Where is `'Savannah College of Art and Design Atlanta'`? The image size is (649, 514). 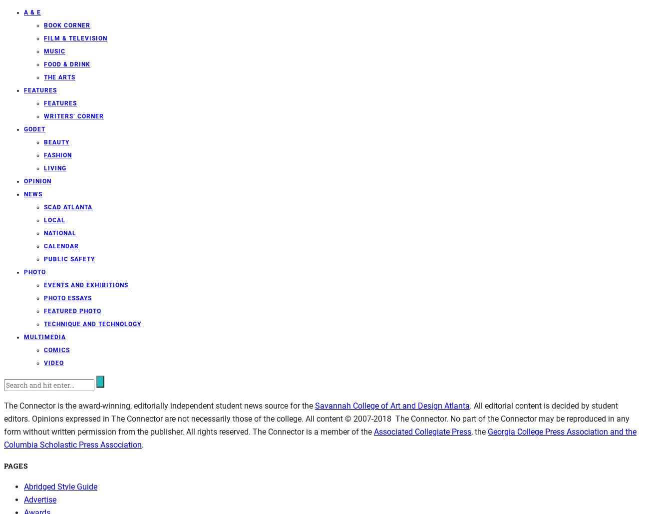
'Savannah College of Art and Design Atlanta' is located at coordinates (391, 405).